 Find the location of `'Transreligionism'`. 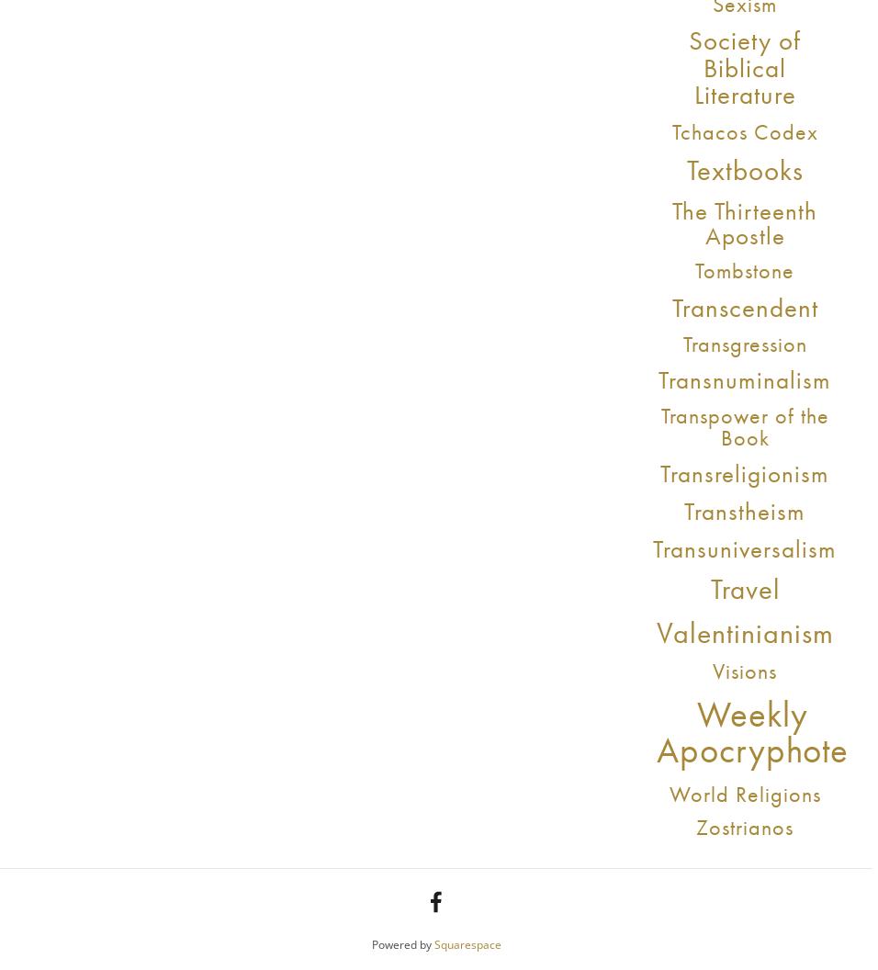

'Transreligionism' is located at coordinates (743, 471).